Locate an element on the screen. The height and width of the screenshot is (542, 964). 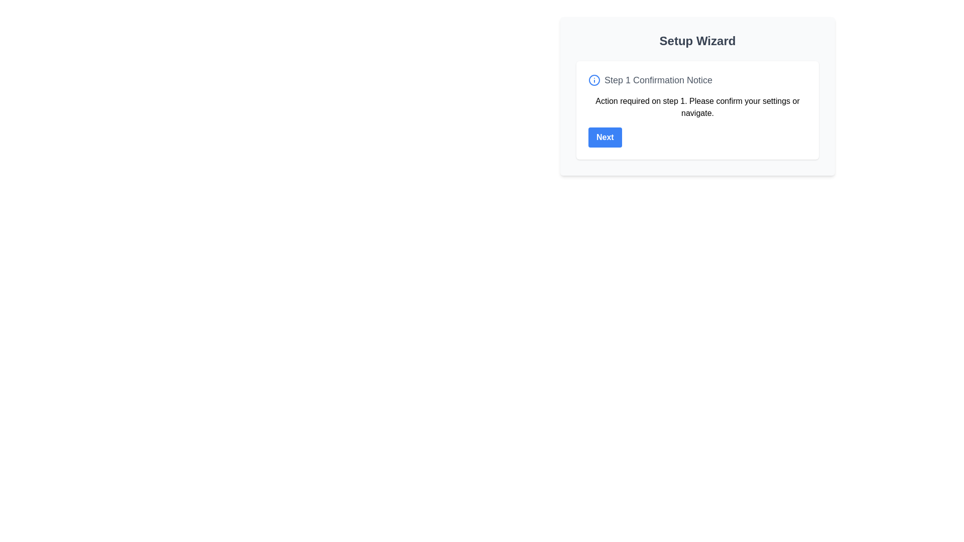
the heading text that indicates the step and purpose of the displayed content within the wizard-like user flow, positioned to the right of the circular blue information icon is located at coordinates (658, 79).